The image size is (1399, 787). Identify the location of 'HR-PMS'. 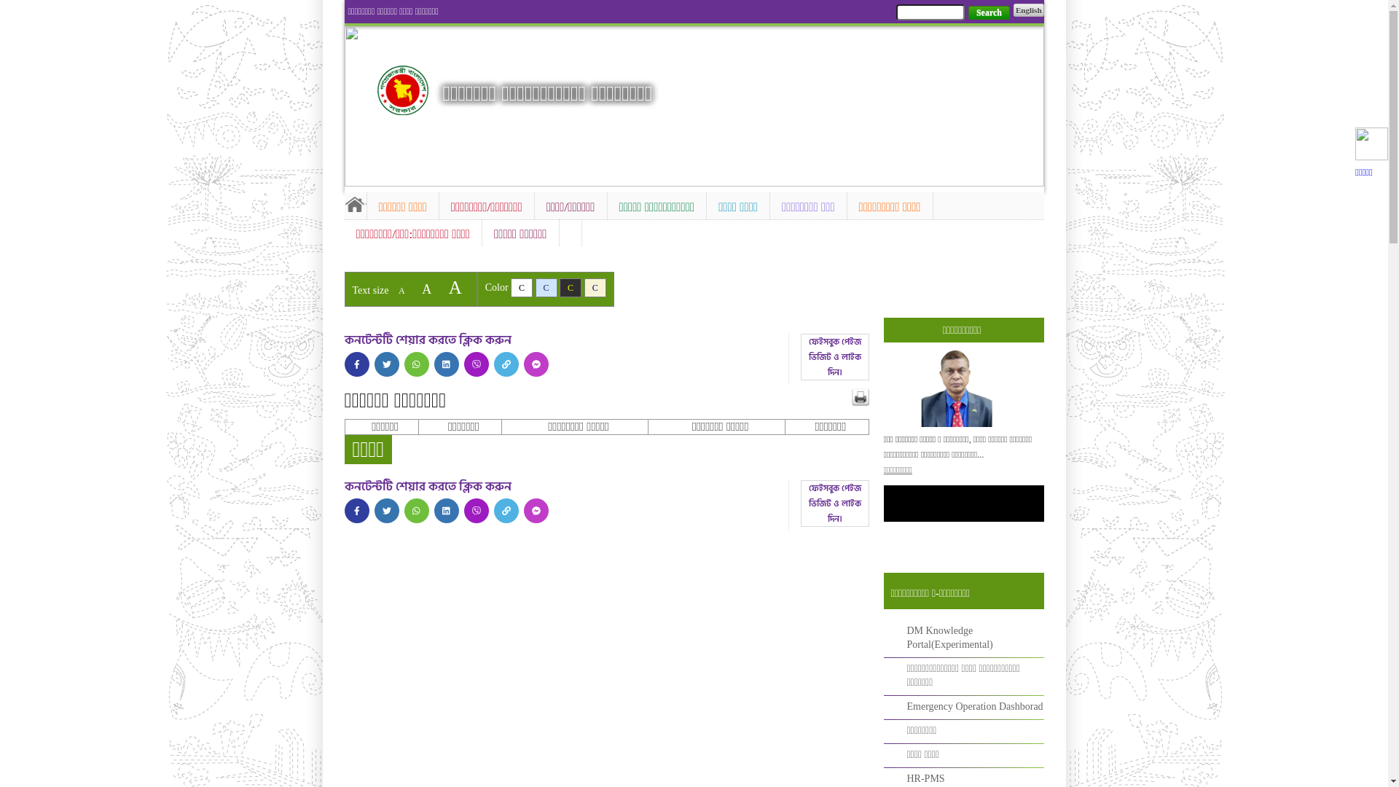
(905, 778).